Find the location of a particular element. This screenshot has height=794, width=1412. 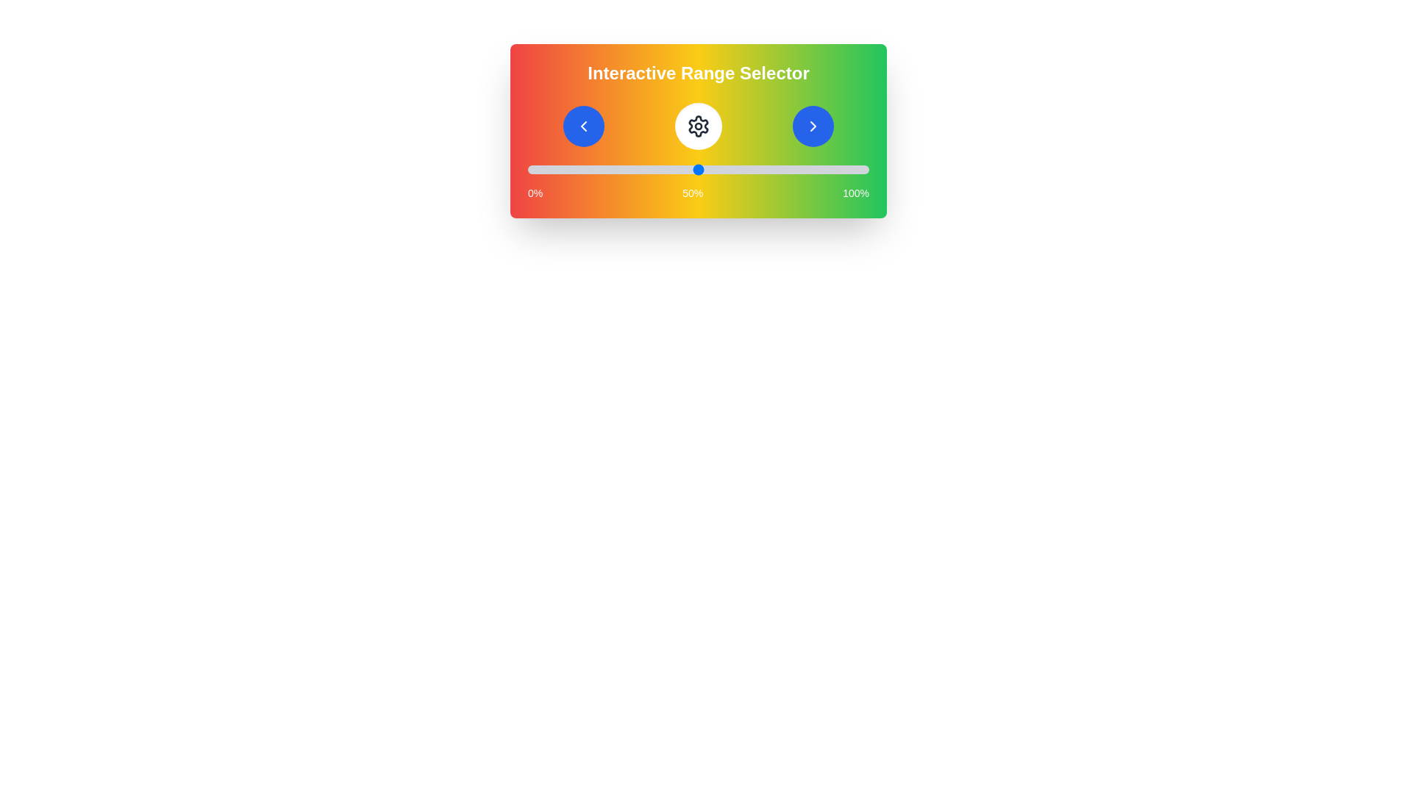

the slider to set the value to 56% is located at coordinates (719, 169).